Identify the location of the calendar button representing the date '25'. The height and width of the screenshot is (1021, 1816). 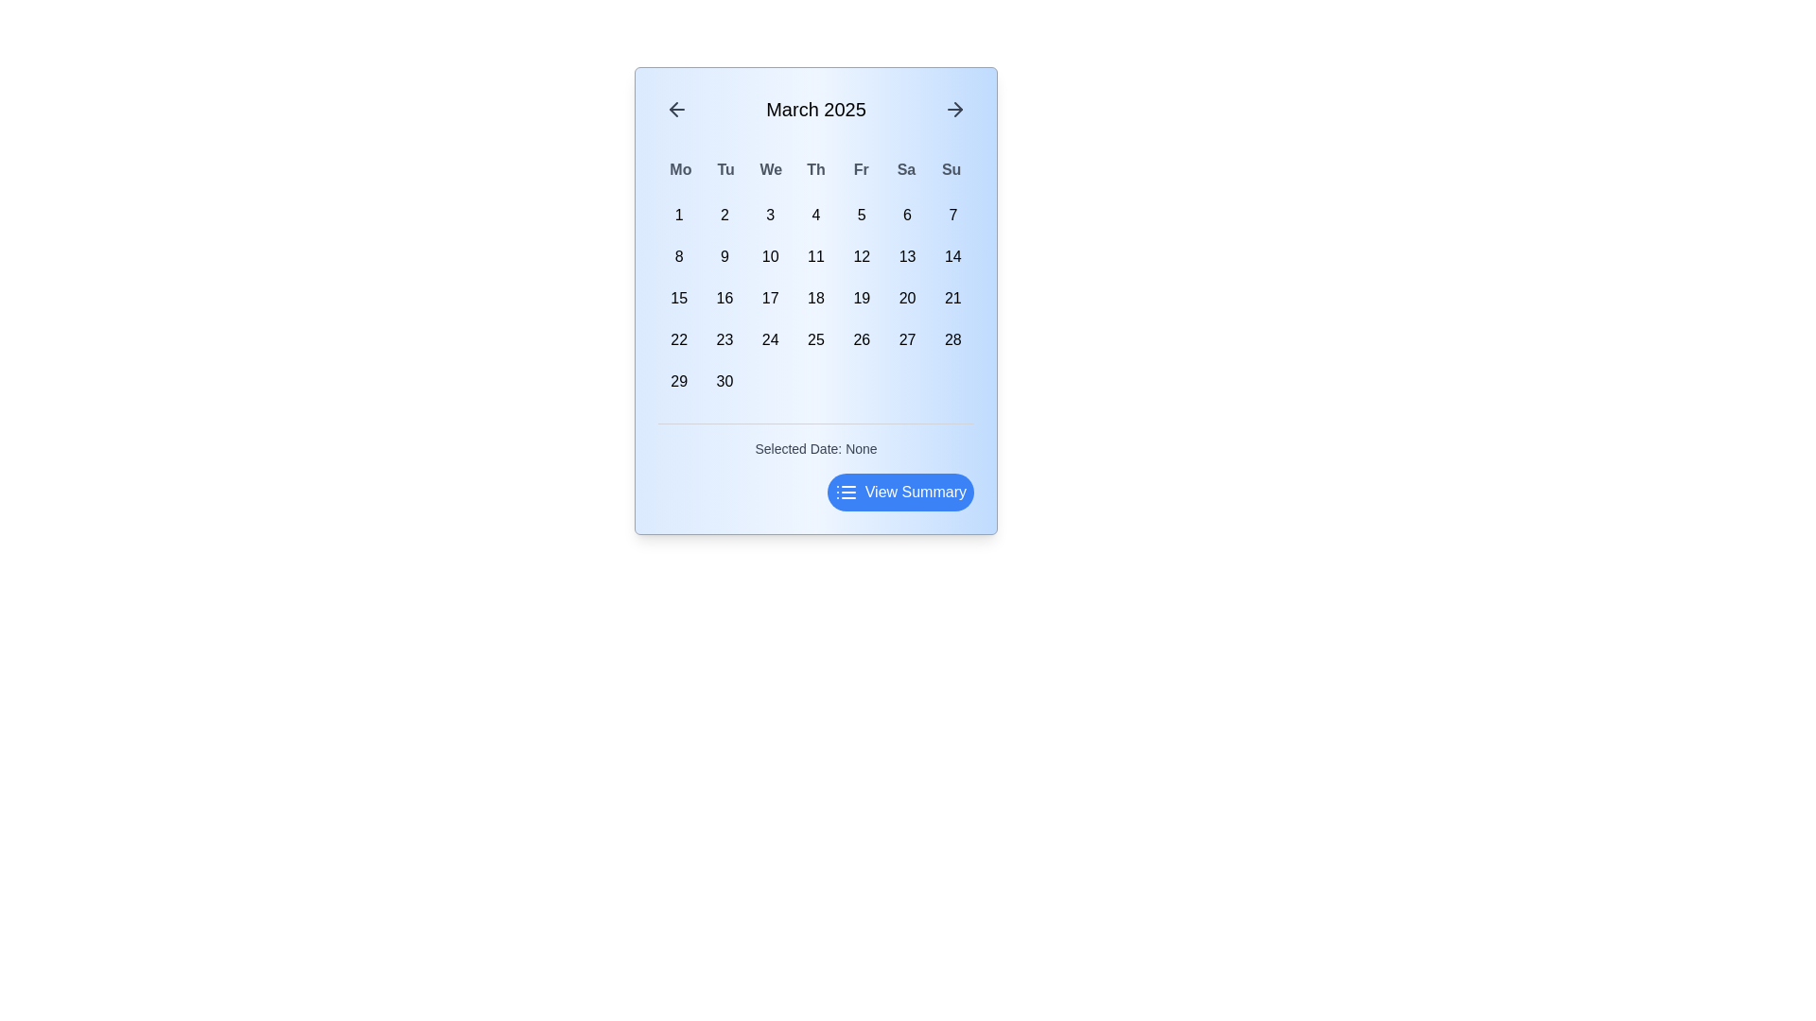
(816, 338).